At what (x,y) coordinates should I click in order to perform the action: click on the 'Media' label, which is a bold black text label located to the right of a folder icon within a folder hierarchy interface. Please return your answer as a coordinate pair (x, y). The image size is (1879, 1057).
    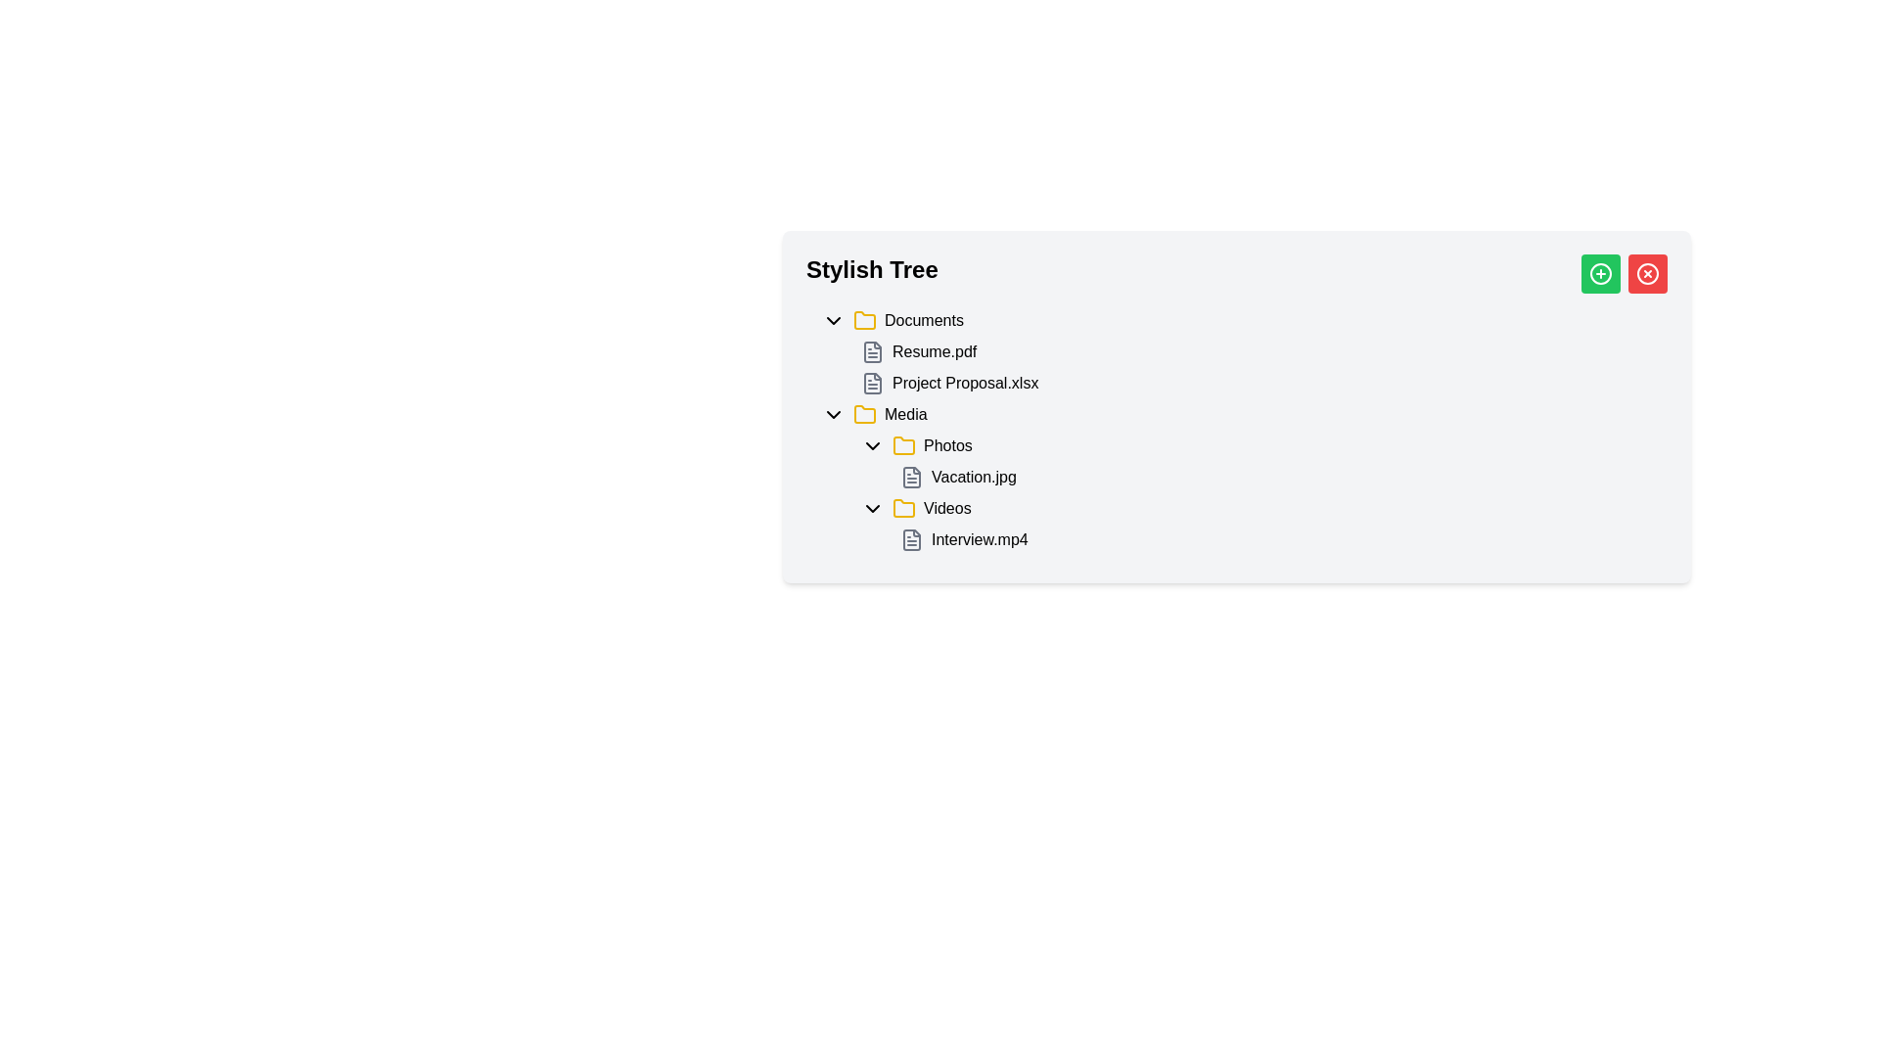
    Looking at the image, I should click on (904, 414).